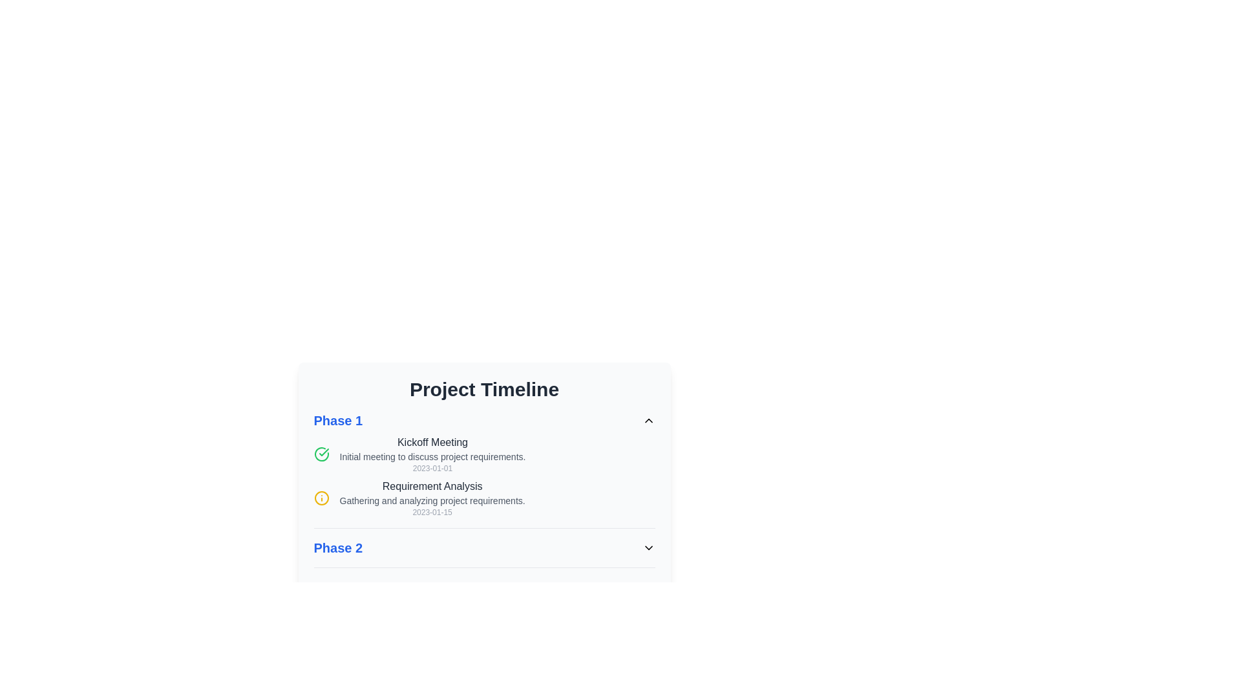 This screenshot has height=698, width=1241. Describe the element at coordinates (648, 421) in the screenshot. I see `the downward-pointing chevron icon toggle button located at the far right of the 'Phase 1' section's header` at that location.